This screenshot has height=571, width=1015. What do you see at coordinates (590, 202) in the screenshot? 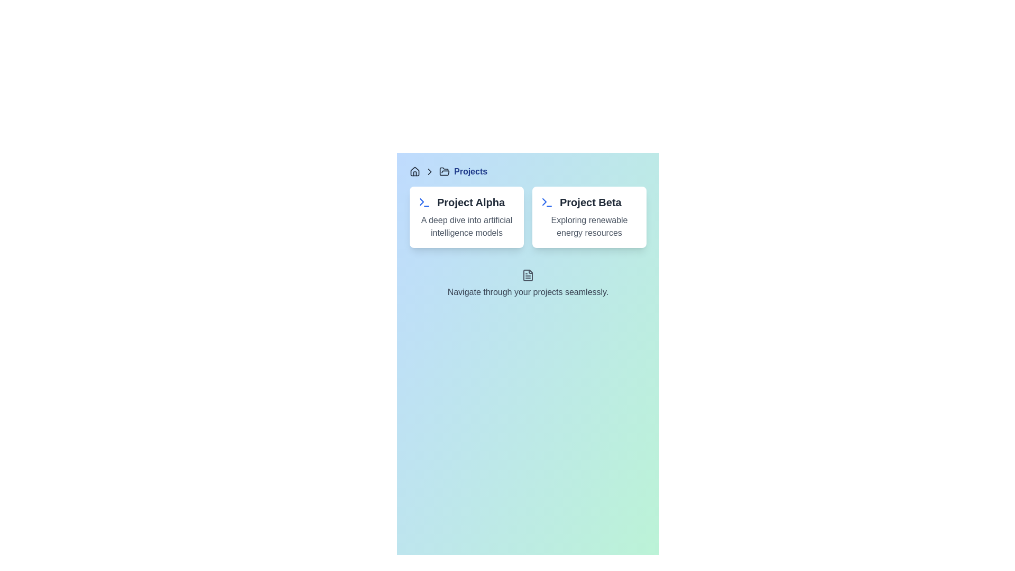
I see `the bold title text labeled 'Project Beta' which is styled with a larger font size and dark gray color, located in the top-right quadrant of the view within a card element` at bounding box center [590, 202].